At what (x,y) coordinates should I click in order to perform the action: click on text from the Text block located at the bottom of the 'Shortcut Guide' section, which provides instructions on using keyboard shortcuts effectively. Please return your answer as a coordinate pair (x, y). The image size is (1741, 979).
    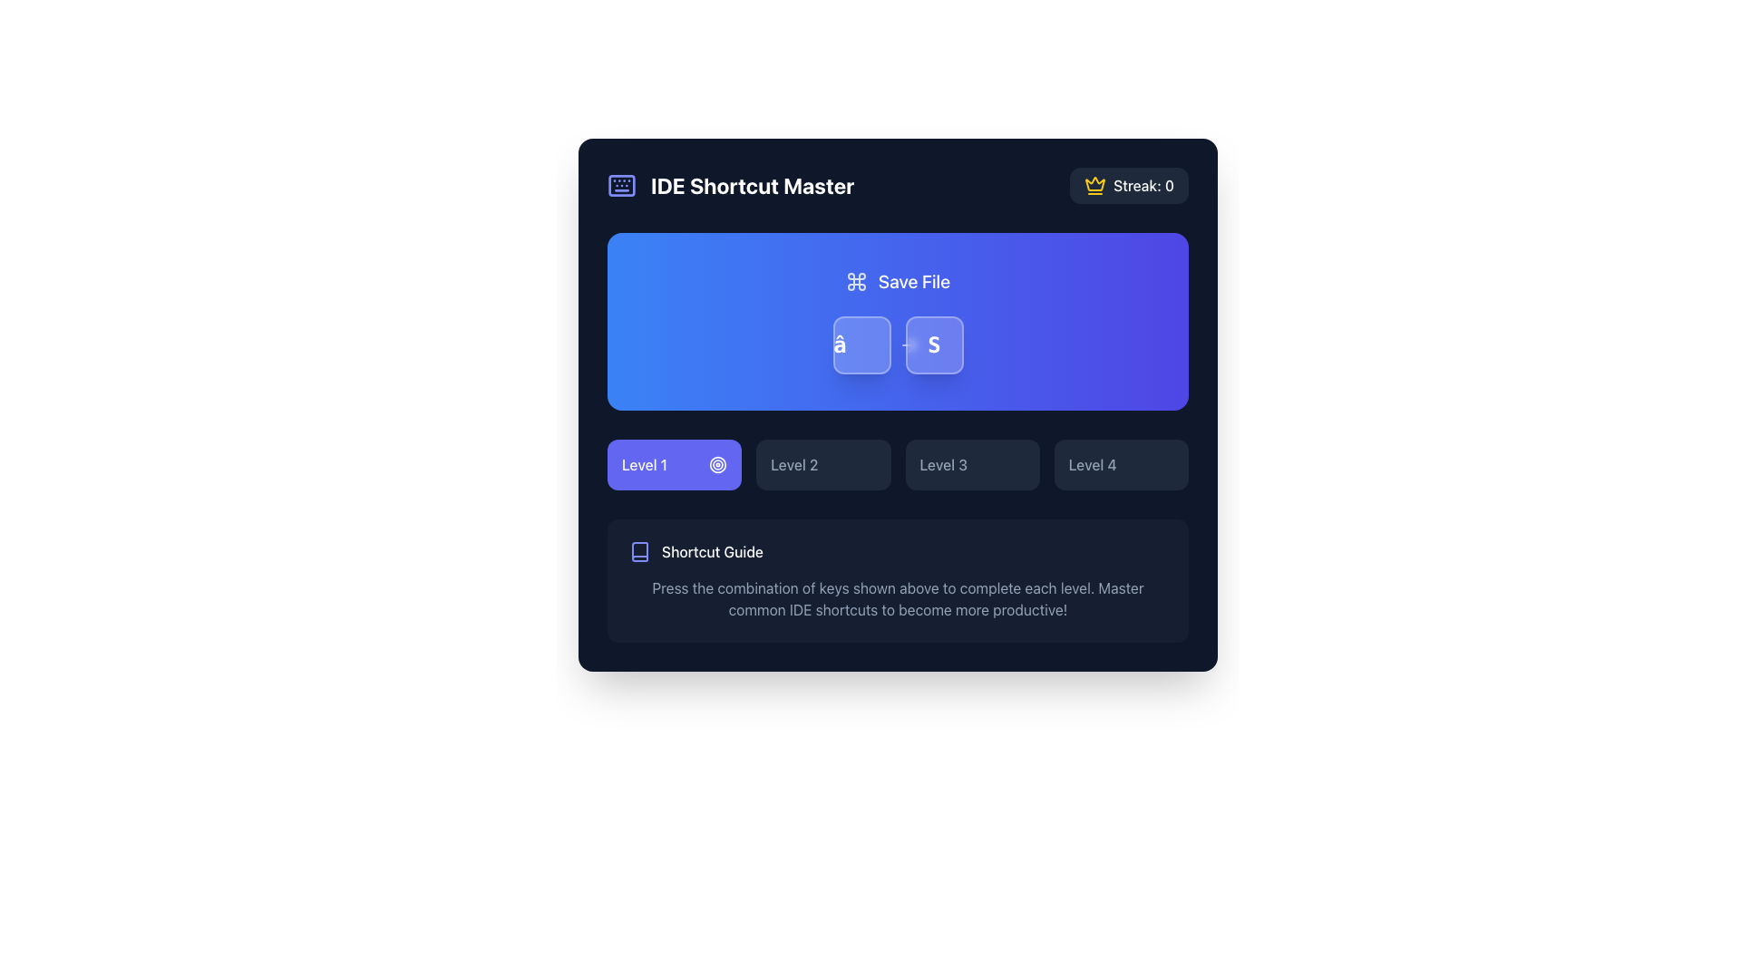
    Looking at the image, I should click on (898, 598).